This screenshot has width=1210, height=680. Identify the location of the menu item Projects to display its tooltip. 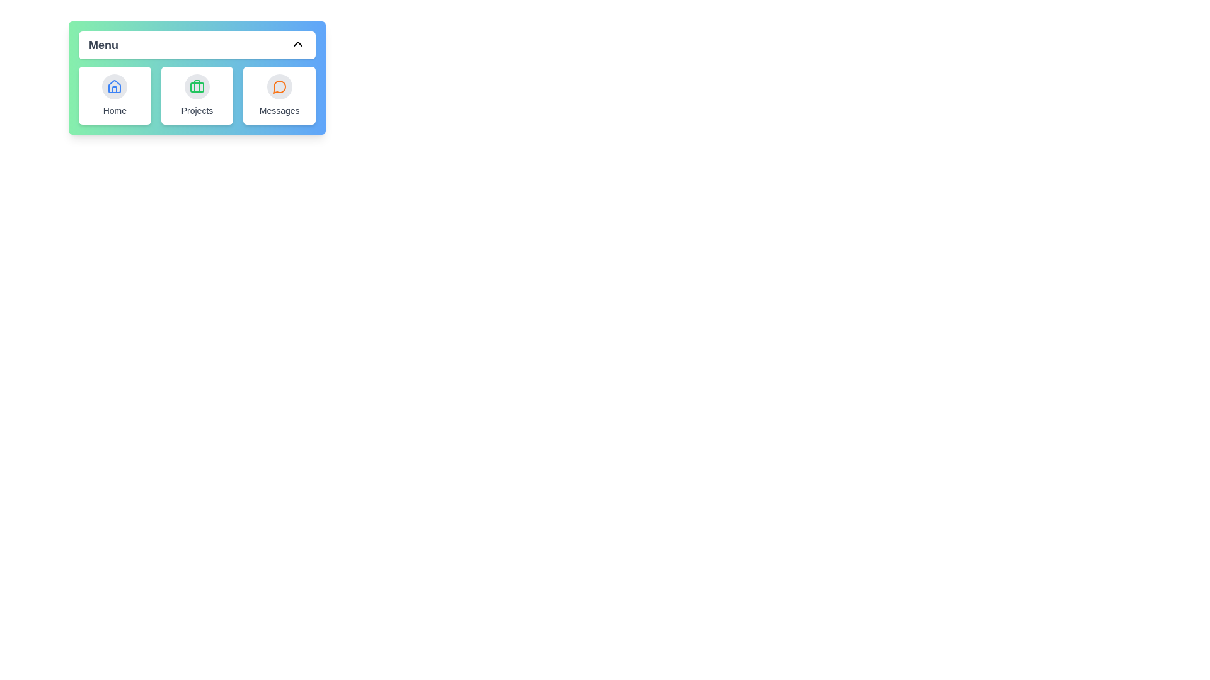
(196, 94).